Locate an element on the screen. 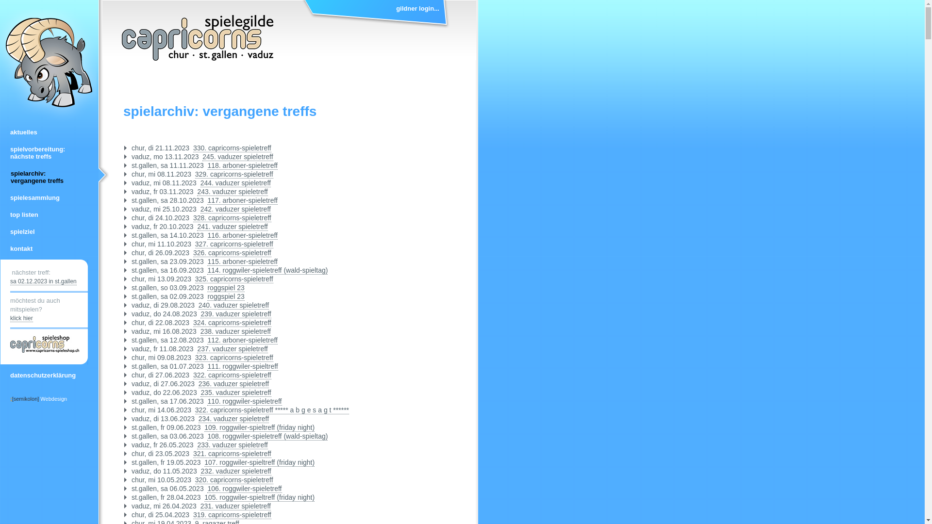  'spielesammlung' is located at coordinates (48, 197).